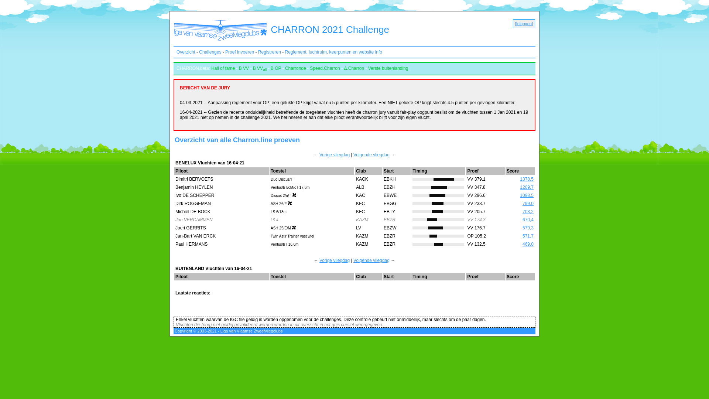 Image resolution: width=709 pixels, height=399 pixels. Describe the element at coordinates (334, 260) in the screenshot. I see `'Vorige vliegdag'` at that location.